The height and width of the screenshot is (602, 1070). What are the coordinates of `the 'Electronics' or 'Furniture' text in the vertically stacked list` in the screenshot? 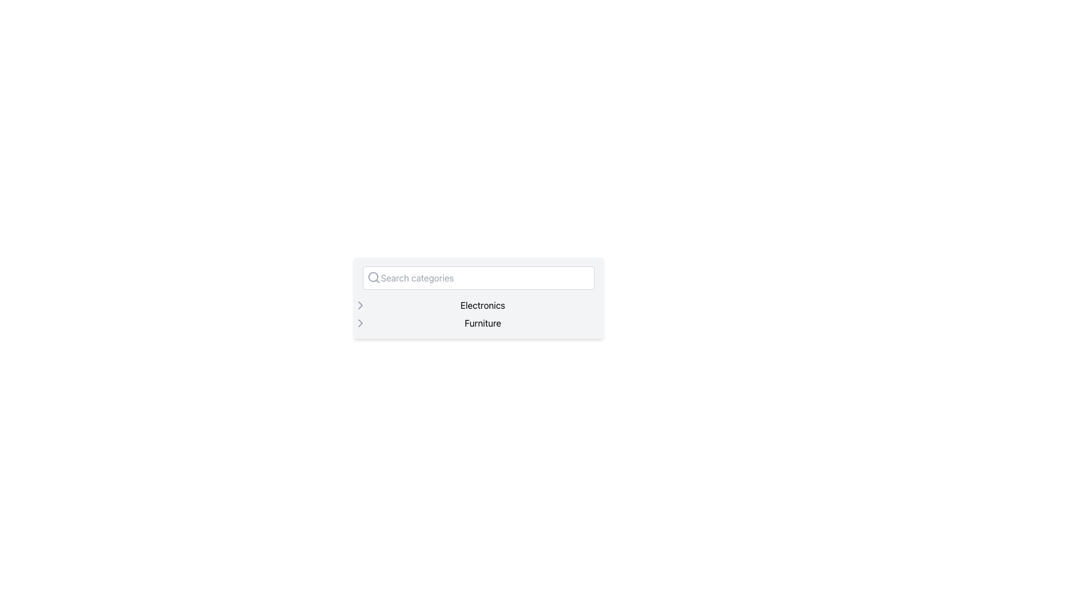 It's located at (478, 314).